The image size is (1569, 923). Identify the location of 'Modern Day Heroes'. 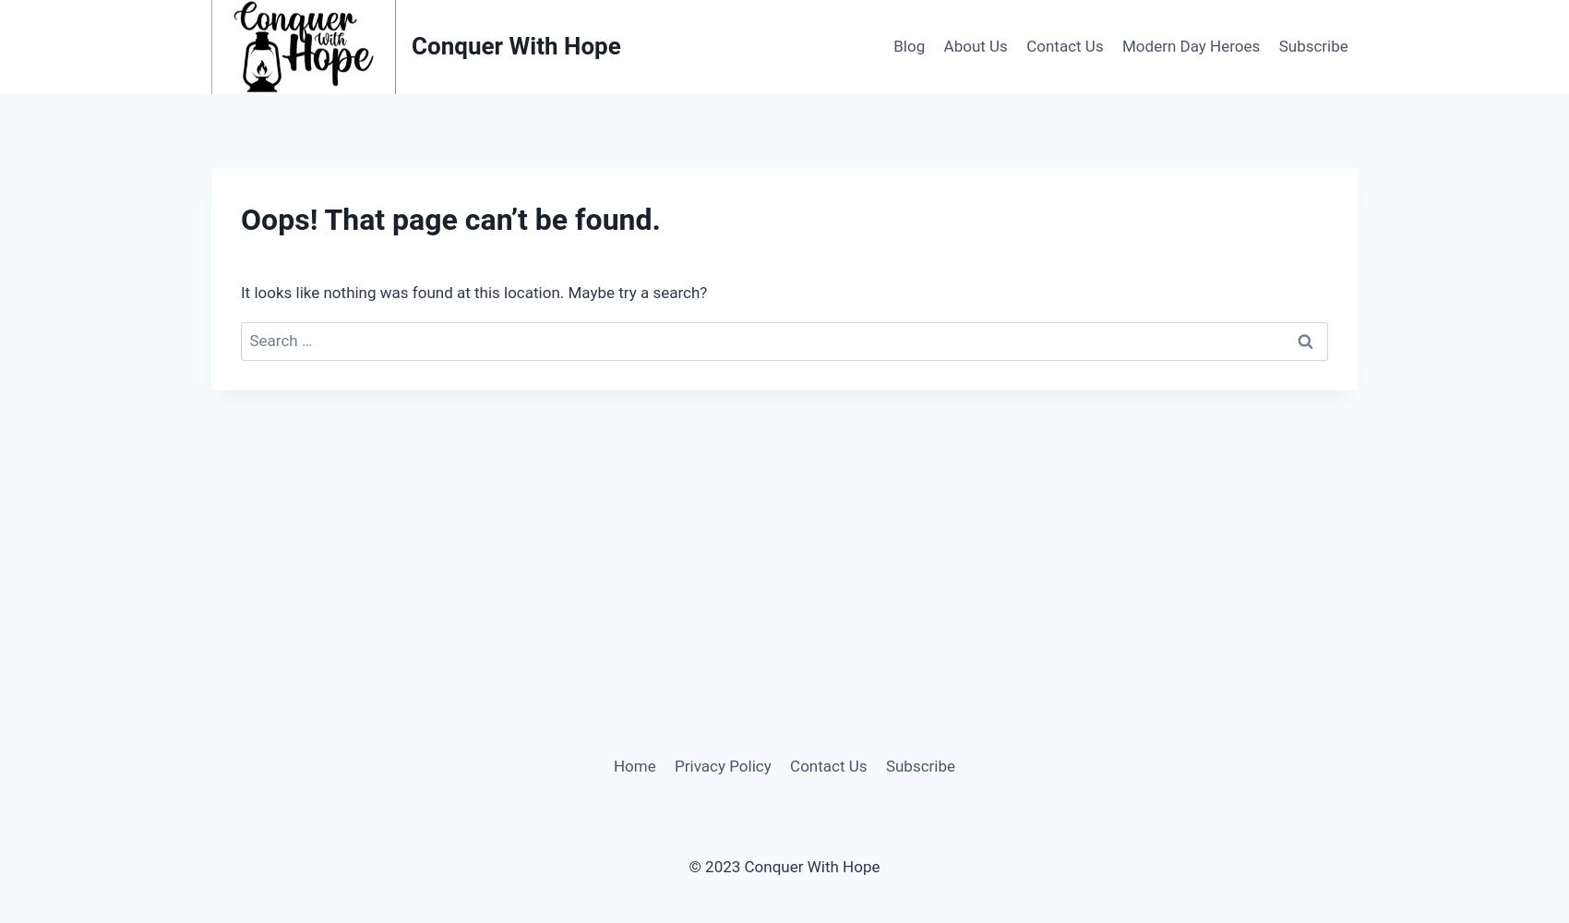
(1191, 46).